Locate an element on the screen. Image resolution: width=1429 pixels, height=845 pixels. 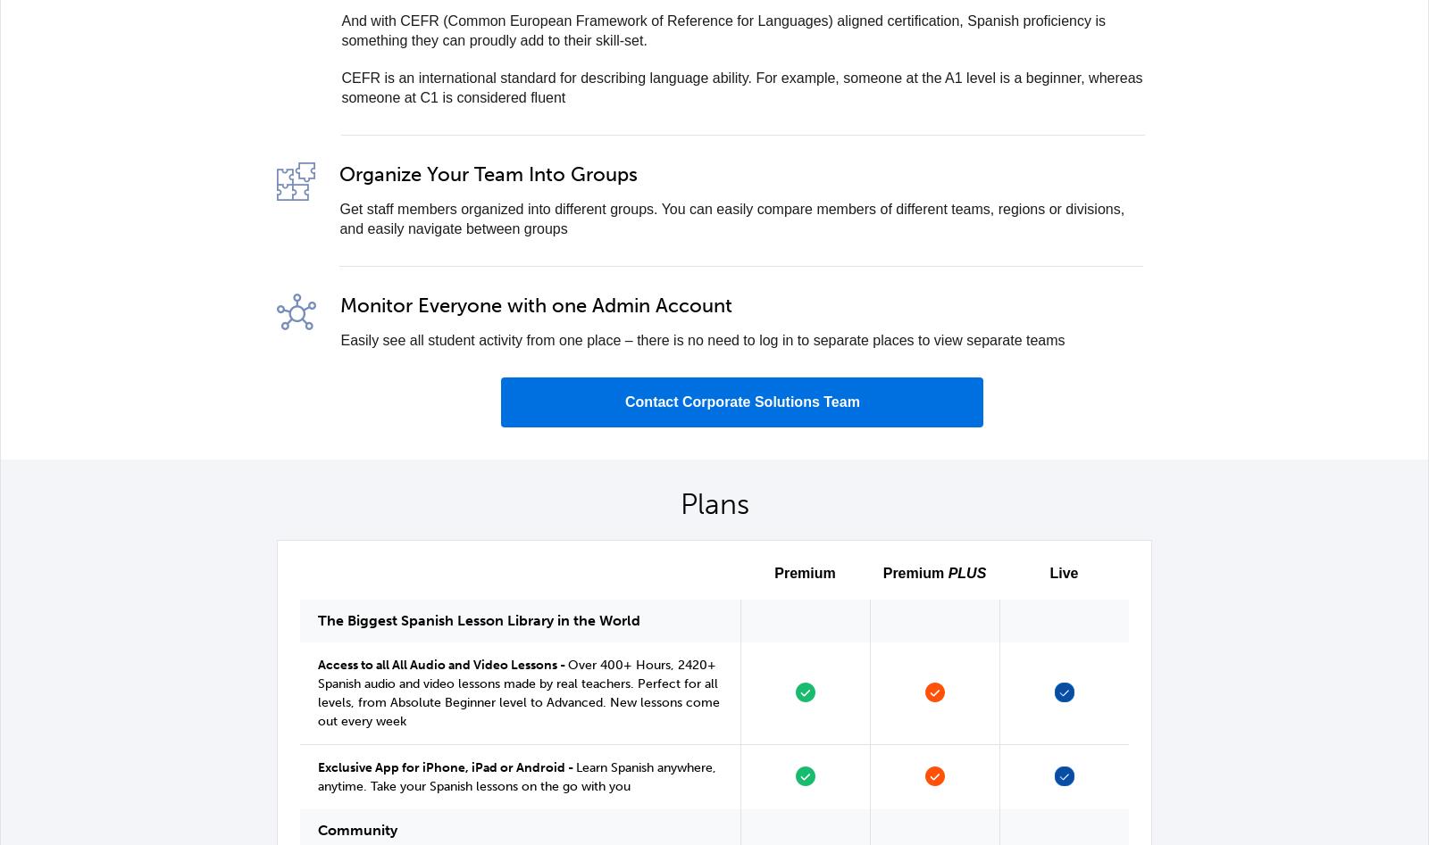
'Access to all All Audio and Video Lessons -' is located at coordinates (442, 664).